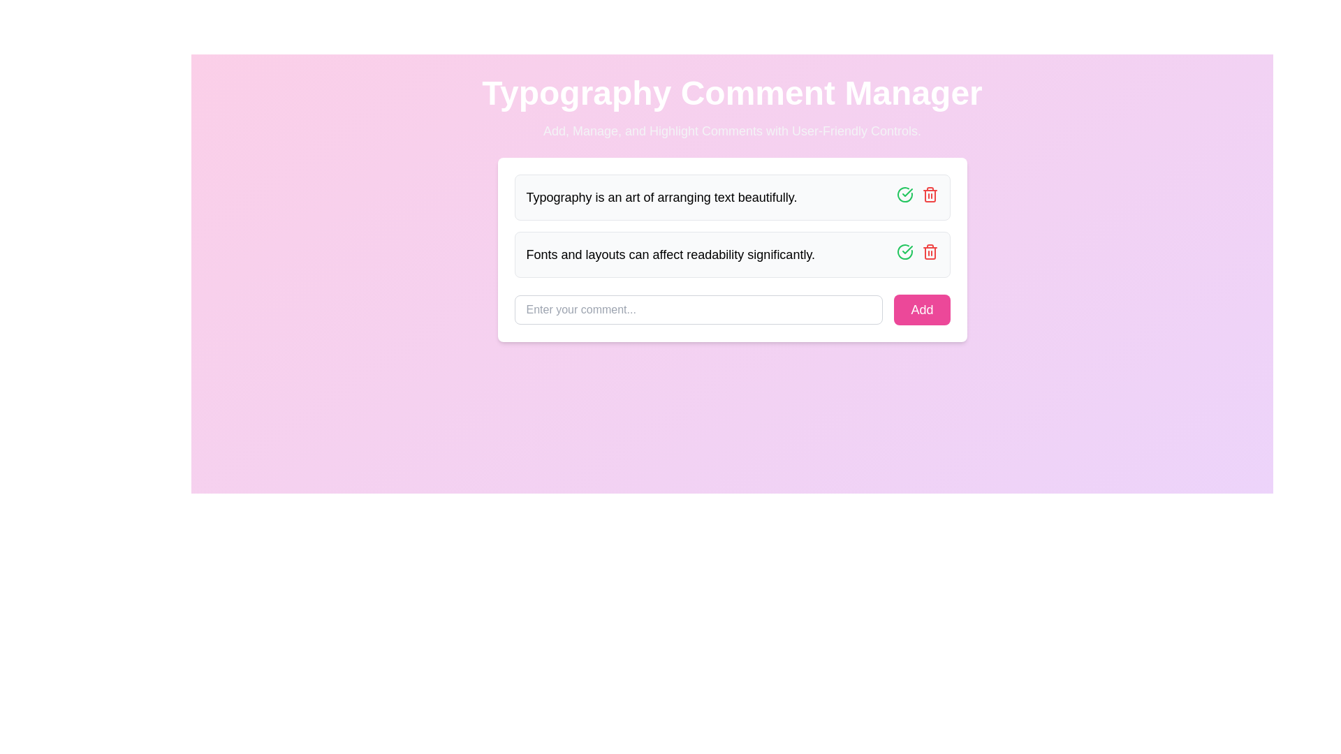  What do you see at coordinates (670, 255) in the screenshot?
I see `the text within the second comment box, which is displayed as the primary content in a vertically aligned list of similar elements` at bounding box center [670, 255].